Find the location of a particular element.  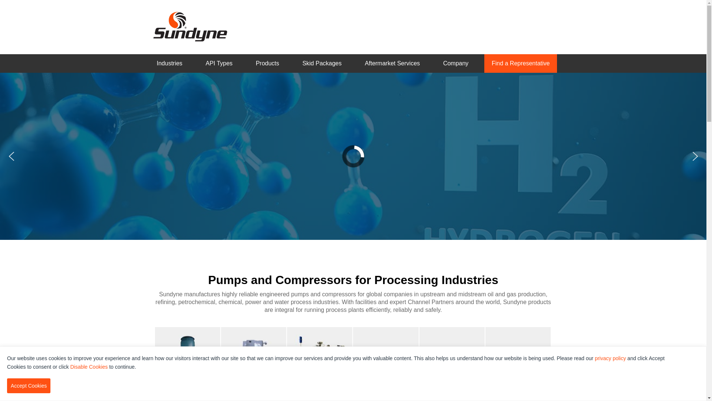

'Industries' is located at coordinates (169, 63).